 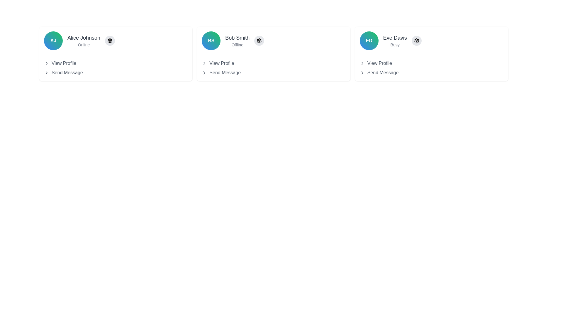 What do you see at coordinates (84, 45) in the screenshot?
I see `the text label displaying 'Online' in gray font, located beneath 'Alice Johnson' in the user profile card layout` at bounding box center [84, 45].